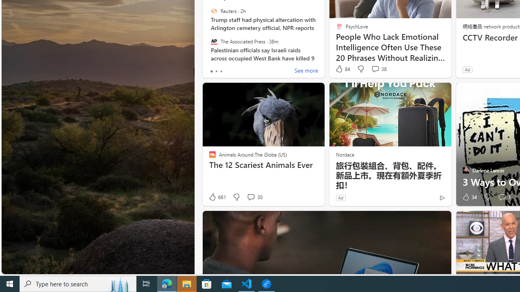  What do you see at coordinates (487, 197) in the screenshot?
I see `'Dislike'` at bounding box center [487, 197].